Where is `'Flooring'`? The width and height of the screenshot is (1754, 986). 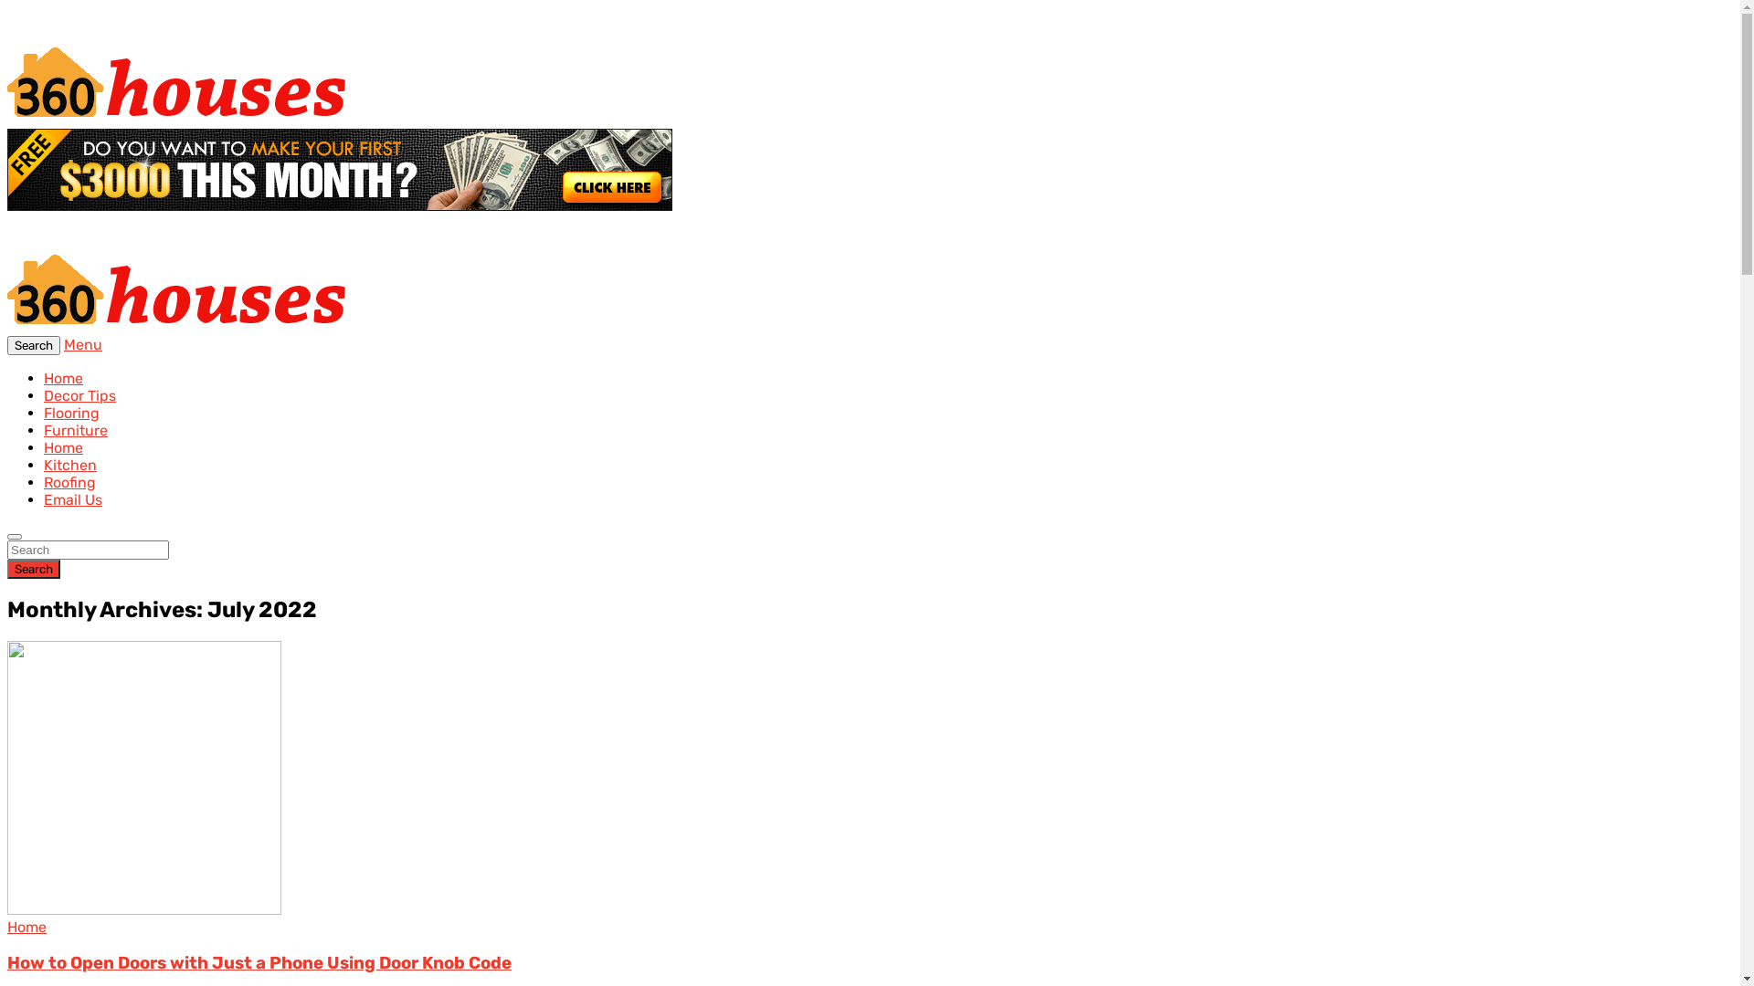
'Flooring' is located at coordinates (71, 413).